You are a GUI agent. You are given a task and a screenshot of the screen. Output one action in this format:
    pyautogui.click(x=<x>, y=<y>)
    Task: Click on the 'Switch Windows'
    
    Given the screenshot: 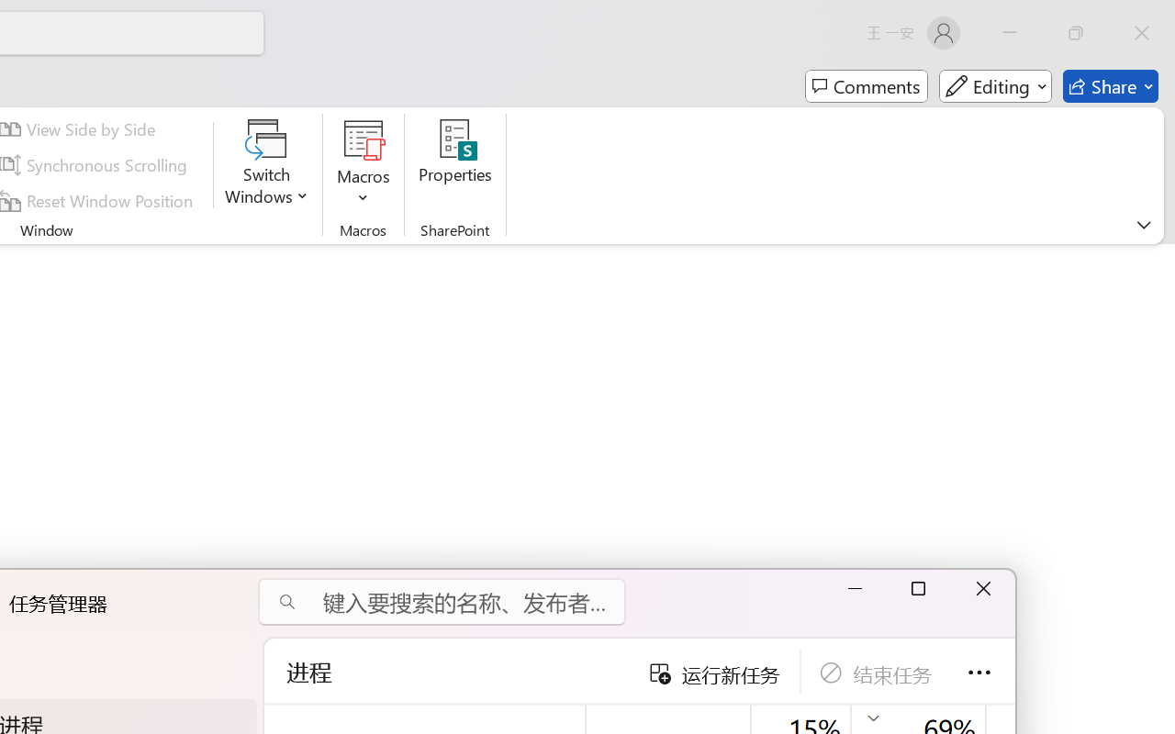 What is the action you would take?
    pyautogui.click(x=266, y=164)
    